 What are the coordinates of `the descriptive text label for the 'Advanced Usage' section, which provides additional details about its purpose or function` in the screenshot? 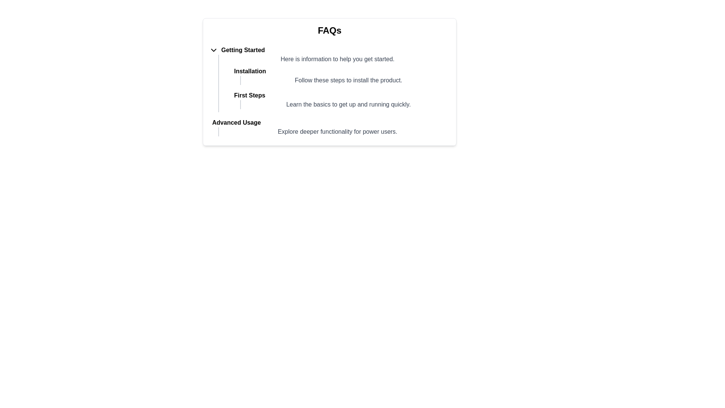 It's located at (333, 131).